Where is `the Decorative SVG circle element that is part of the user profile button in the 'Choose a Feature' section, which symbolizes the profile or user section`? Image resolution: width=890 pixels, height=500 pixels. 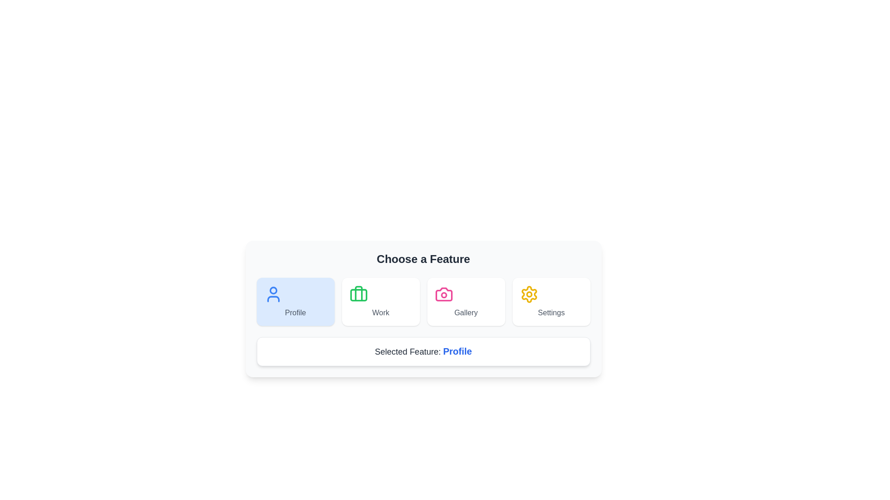 the Decorative SVG circle element that is part of the user profile button in the 'Choose a Feature' section, which symbolizes the profile or user section is located at coordinates (273, 290).